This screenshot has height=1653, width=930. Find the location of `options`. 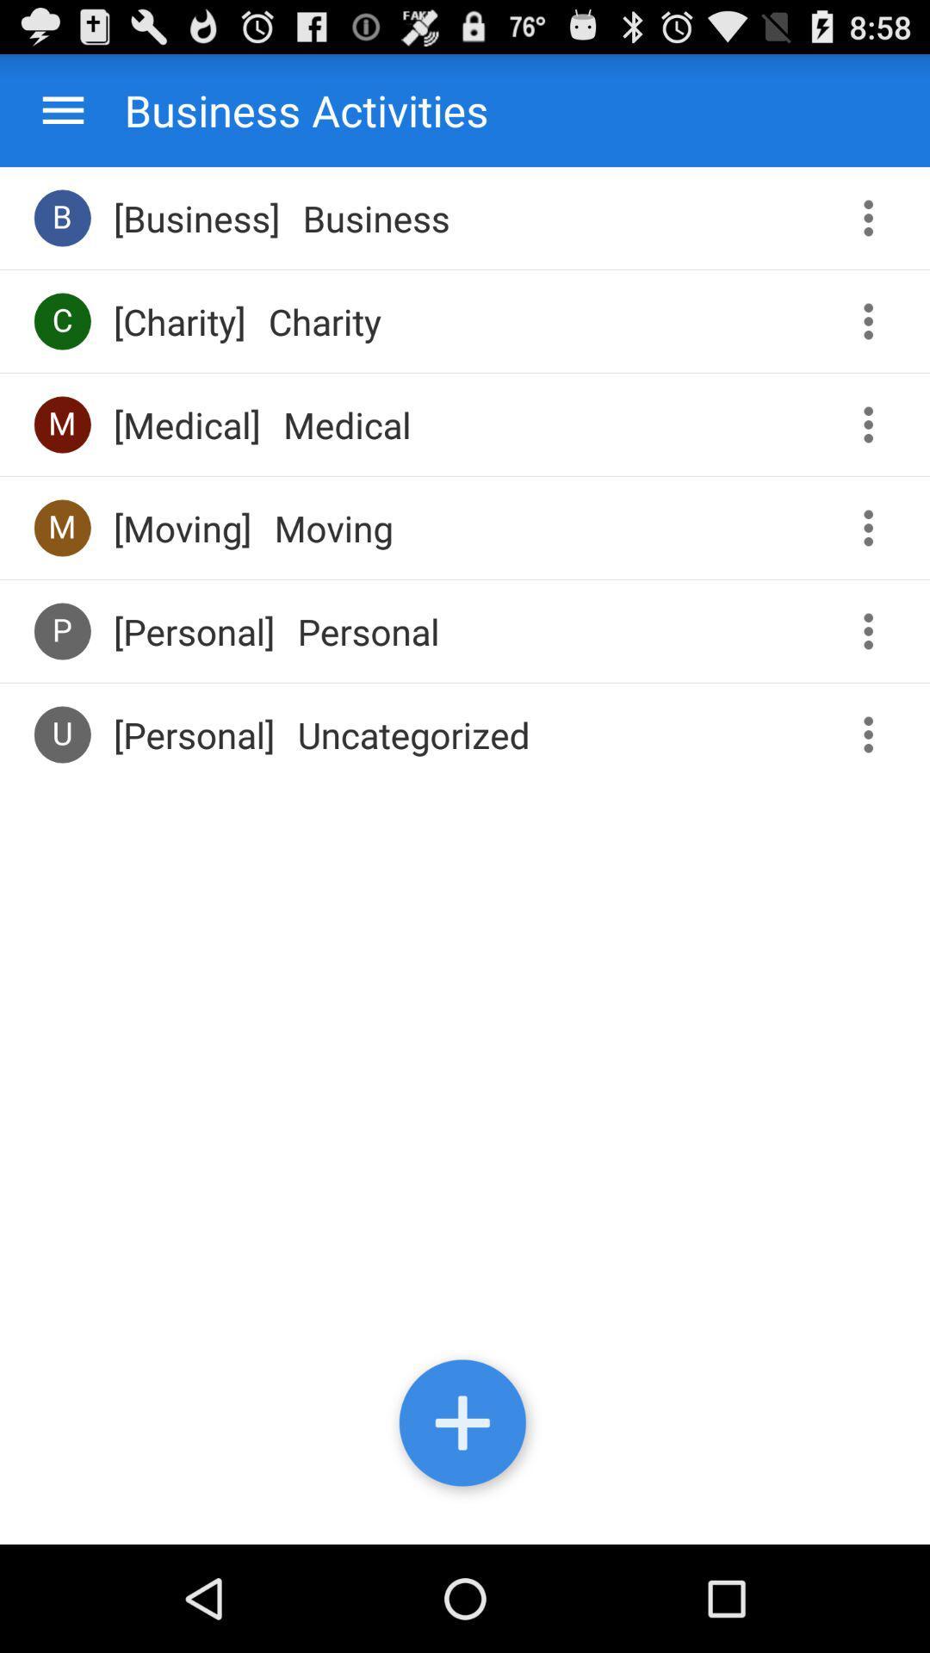

options is located at coordinates (62, 109).